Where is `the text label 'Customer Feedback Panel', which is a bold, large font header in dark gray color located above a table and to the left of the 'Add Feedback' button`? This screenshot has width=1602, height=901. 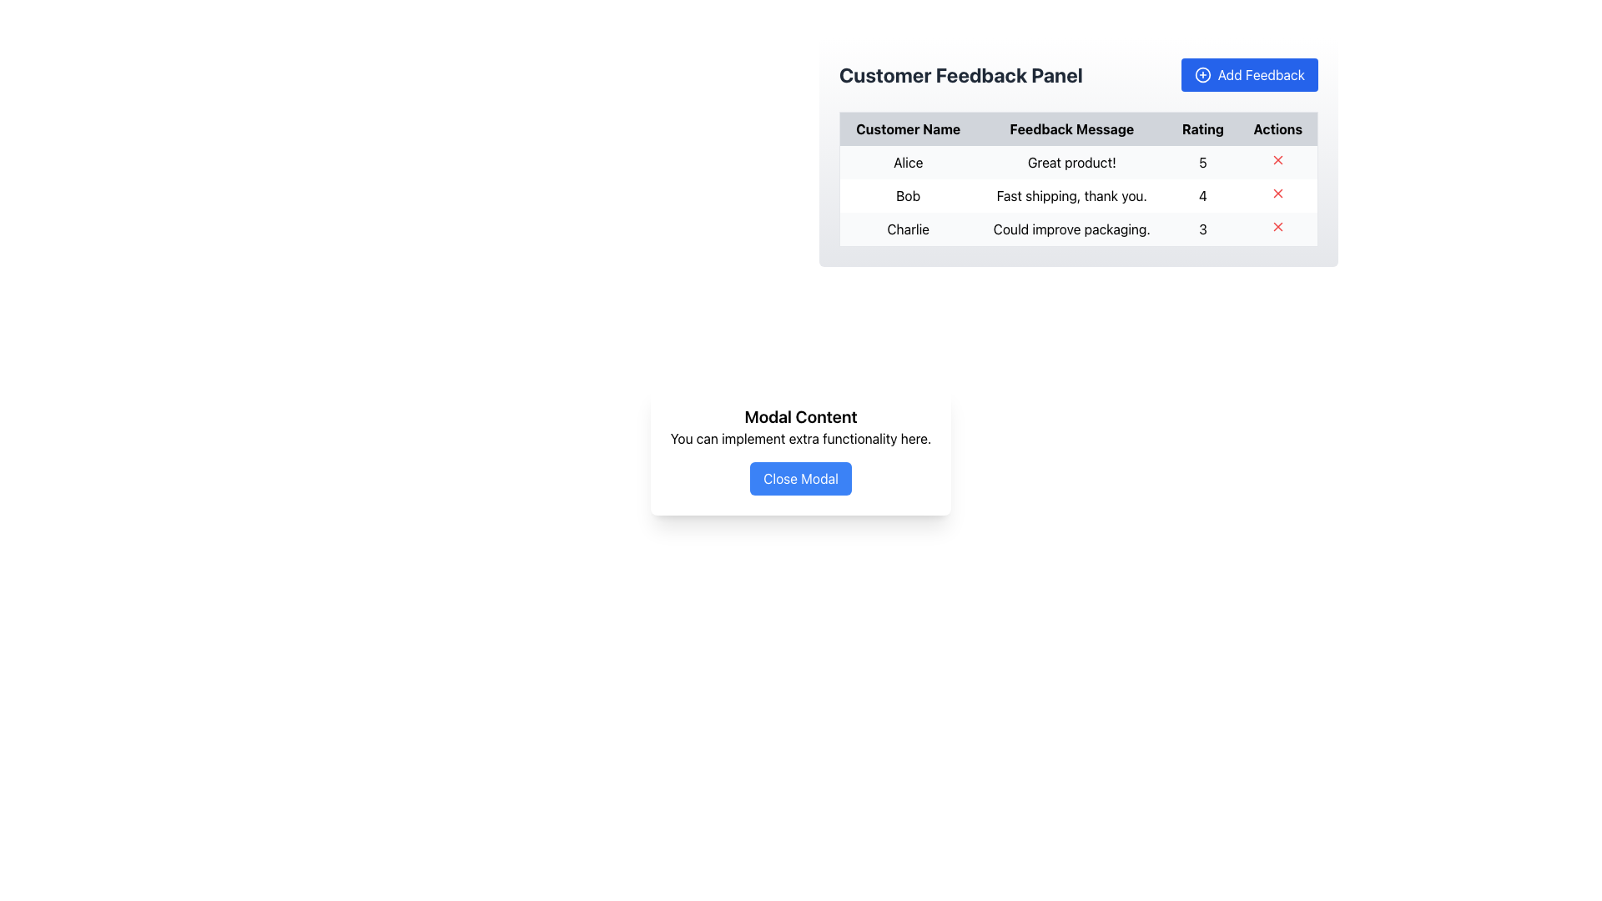
the text label 'Customer Feedback Panel', which is a bold, large font header in dark gray color located above a table and to the left of the 'Add Feedback' button is located at coordinates (961, 73).